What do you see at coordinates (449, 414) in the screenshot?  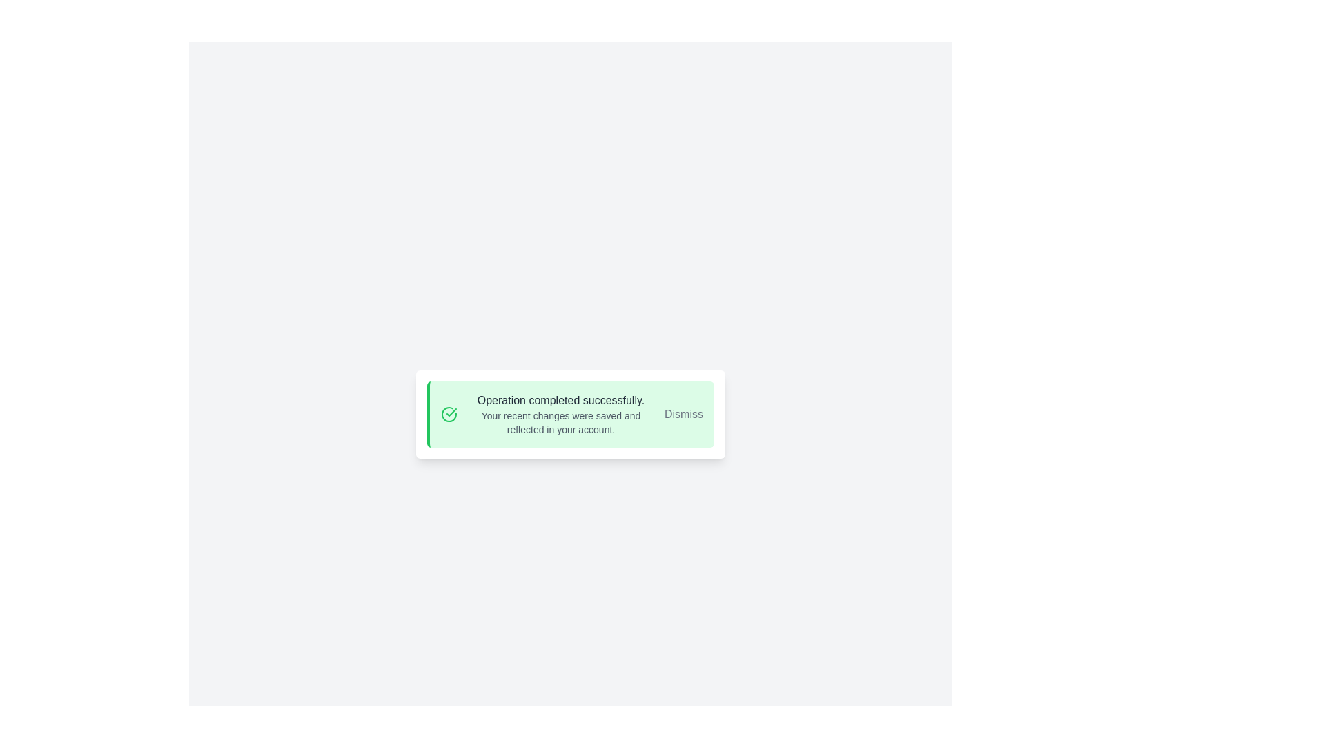 I see `the success confirmation icon located at the leftmost part of the notification box, adjacent to the notification message text` at bounding box center [449, 414].